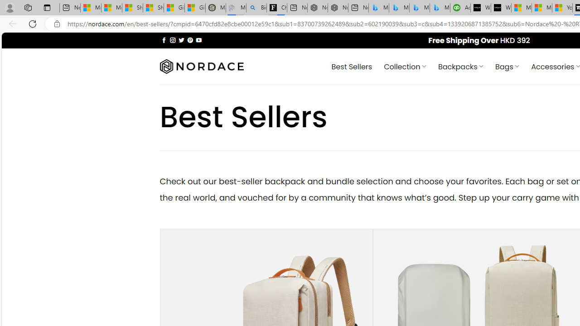 This screenshot has height=326, width=580. What do you see at coordinates (338, 8) in the screenshot?
I see `'Nordace - #1 Japanese Best-Seller - Siena Smart Backpack'` at bounding box center [338, 8].